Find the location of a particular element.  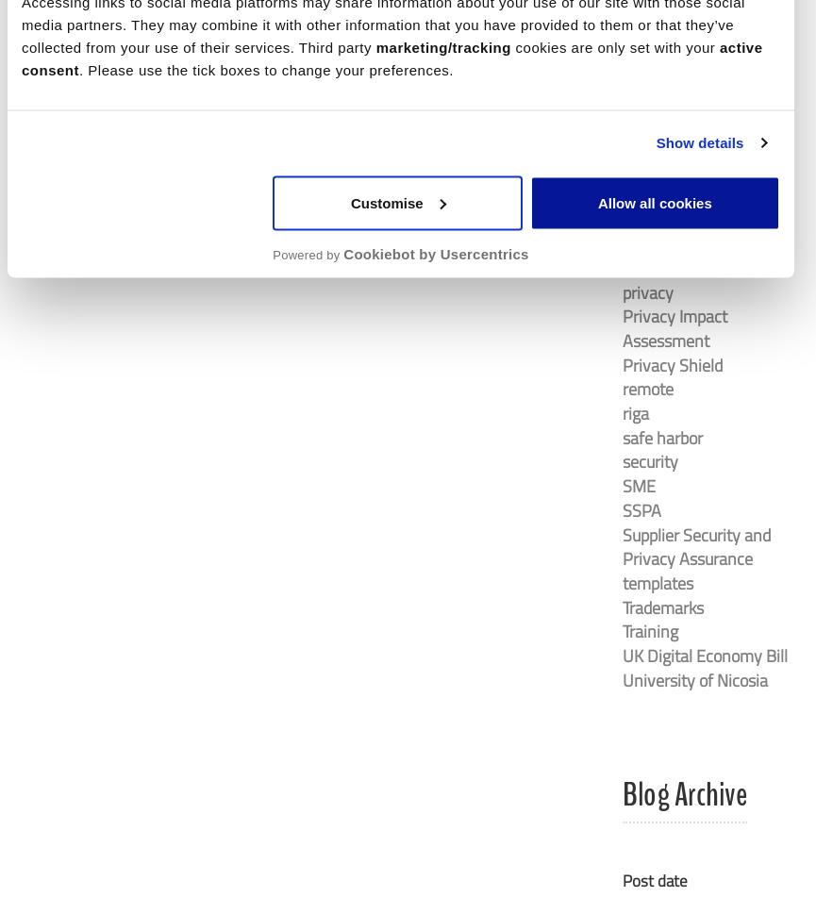

'UK Digital Economy Bill' is located at coordinates (704, 655).